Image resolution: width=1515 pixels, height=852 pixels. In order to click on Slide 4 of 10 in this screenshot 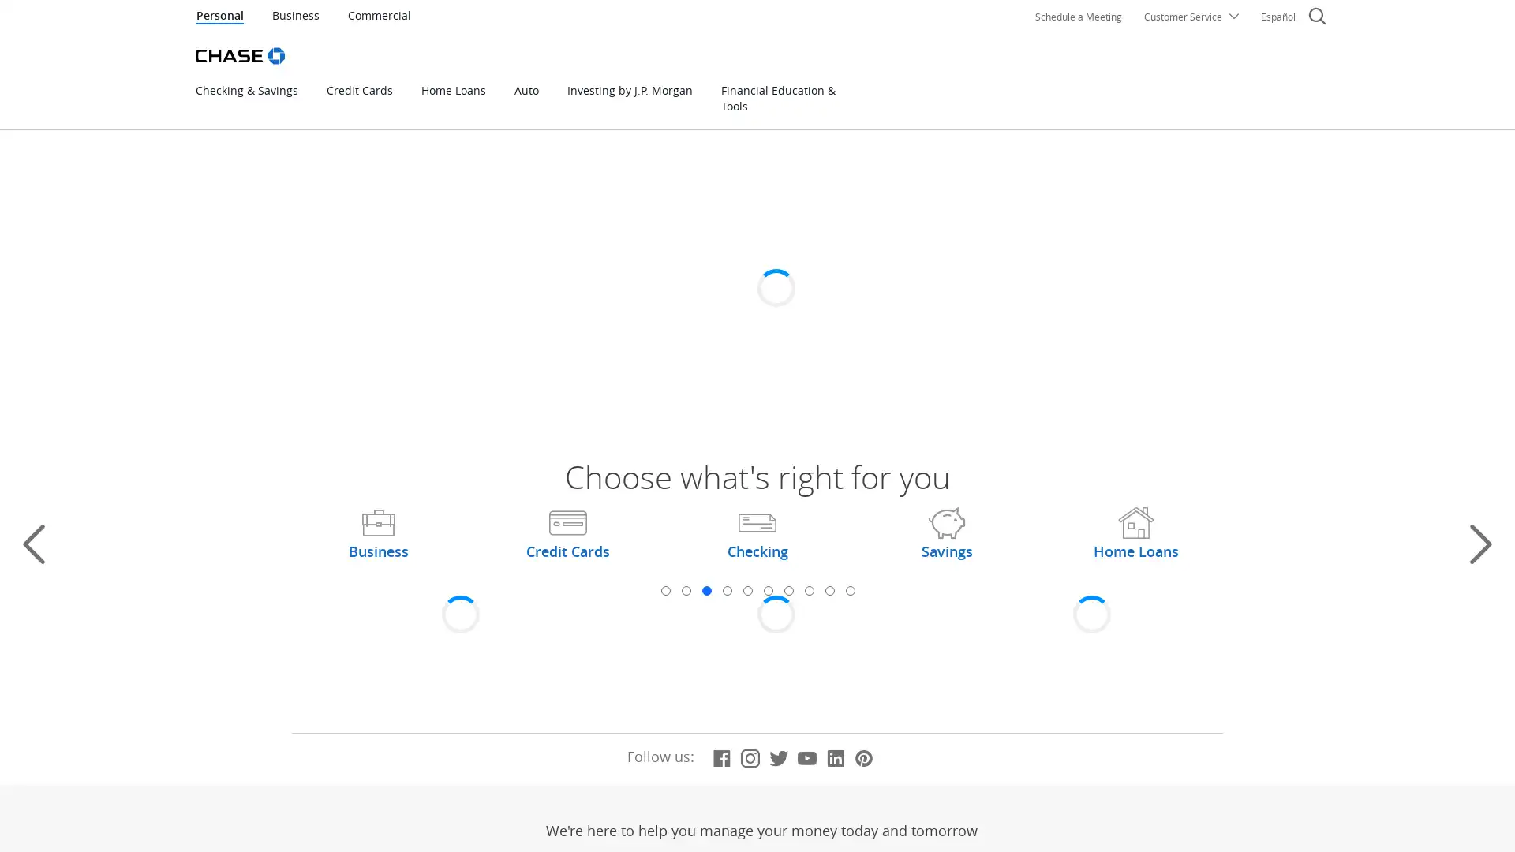, I will do `click(726, 590)`.